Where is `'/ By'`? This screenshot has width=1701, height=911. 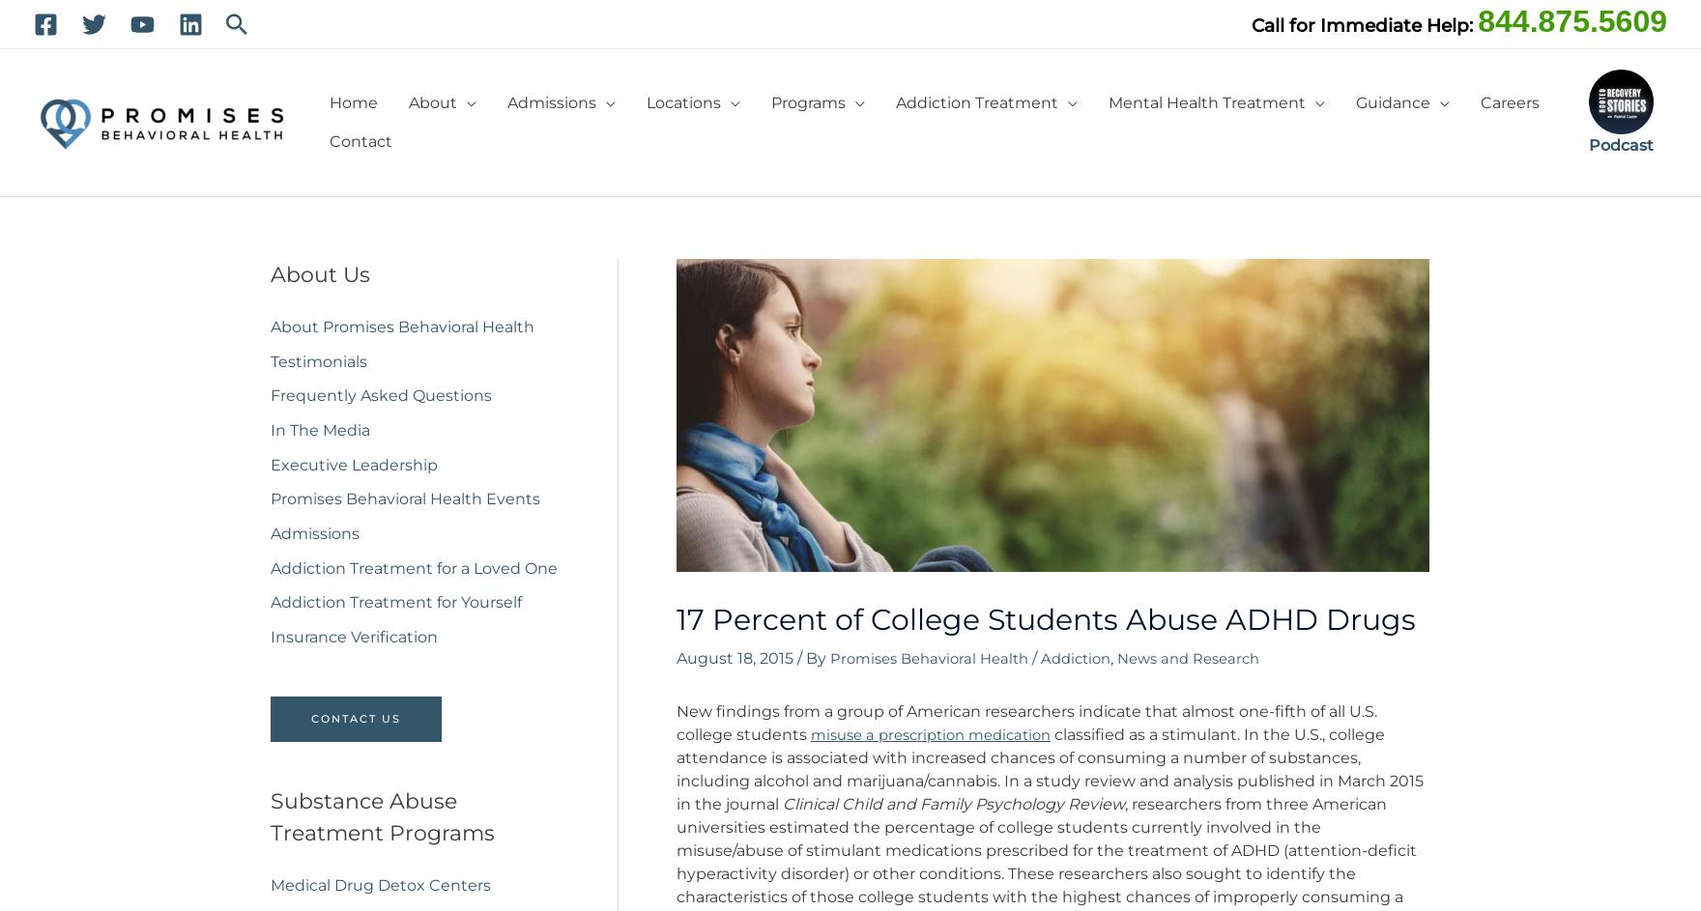 '/ By' is located at coordinates (812, 658).